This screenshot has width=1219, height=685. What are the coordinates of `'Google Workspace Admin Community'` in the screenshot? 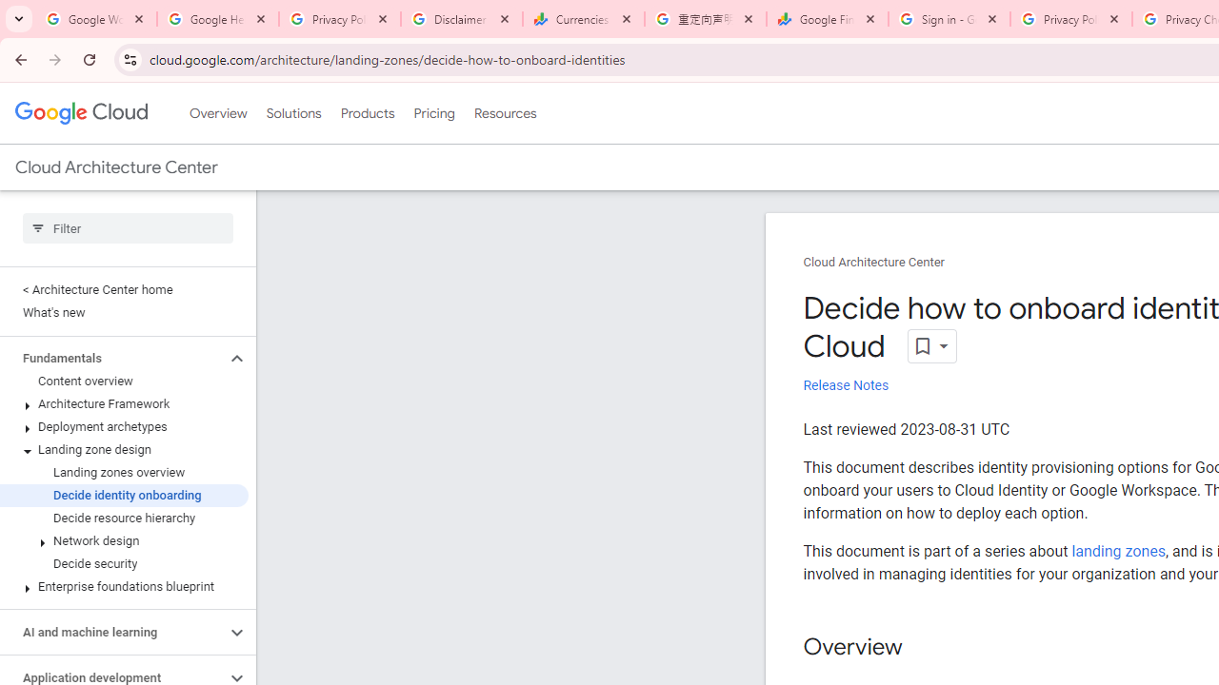 It's located at (95, 19).